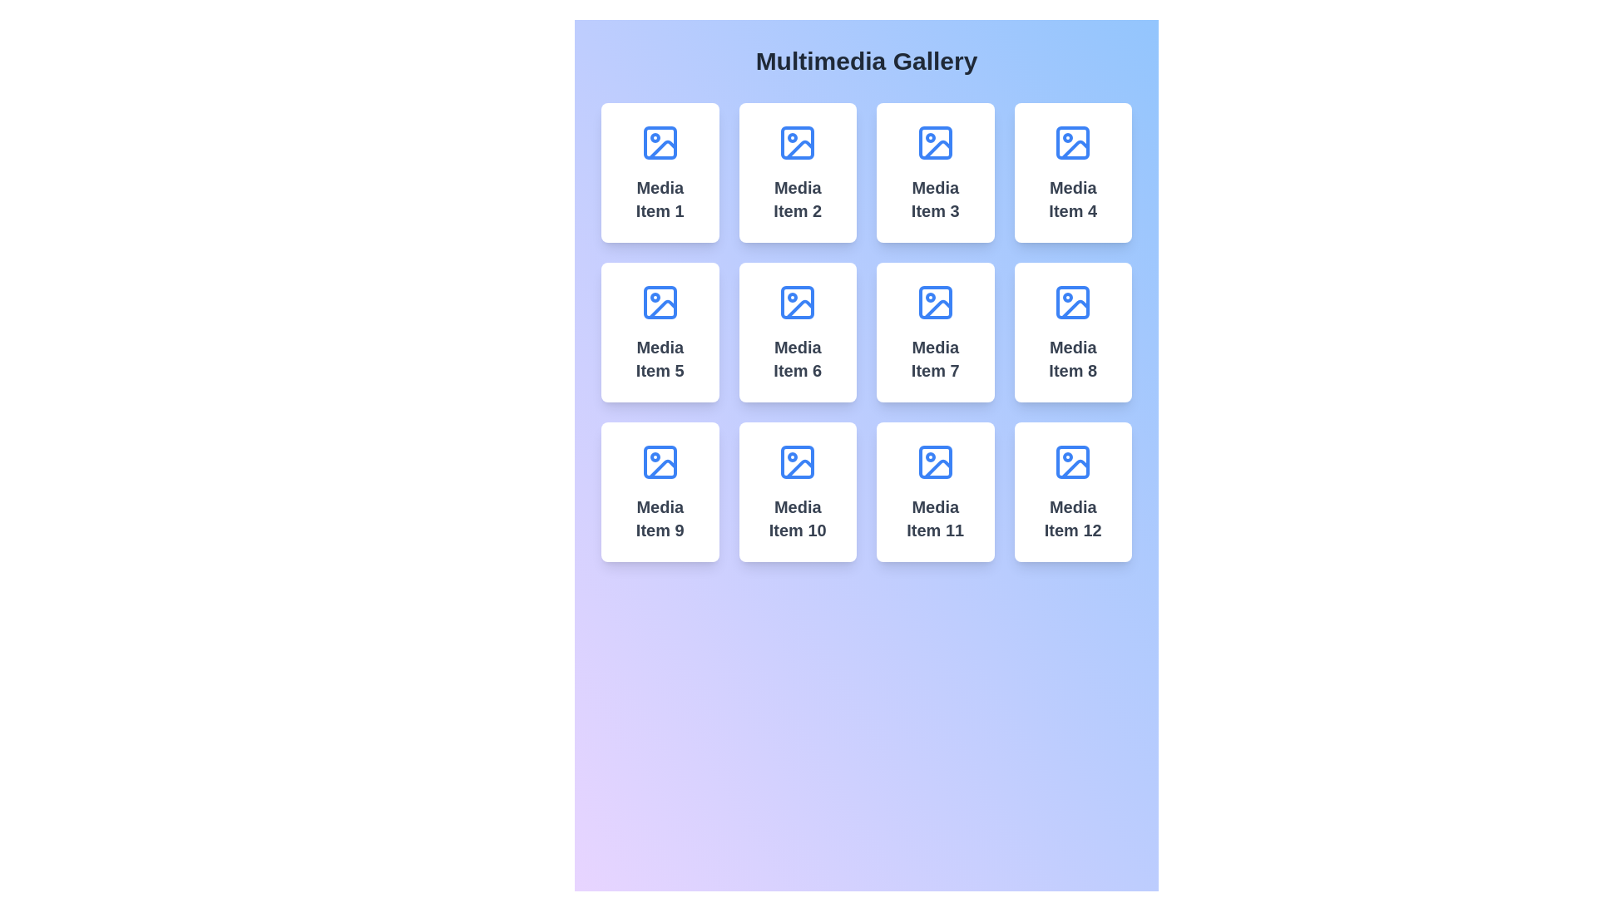  I want to click on the white card in the top-right corner of the layout grid, which contains a blue image icon and the text 'Media Item 4' in bold, so click(1073, 173).